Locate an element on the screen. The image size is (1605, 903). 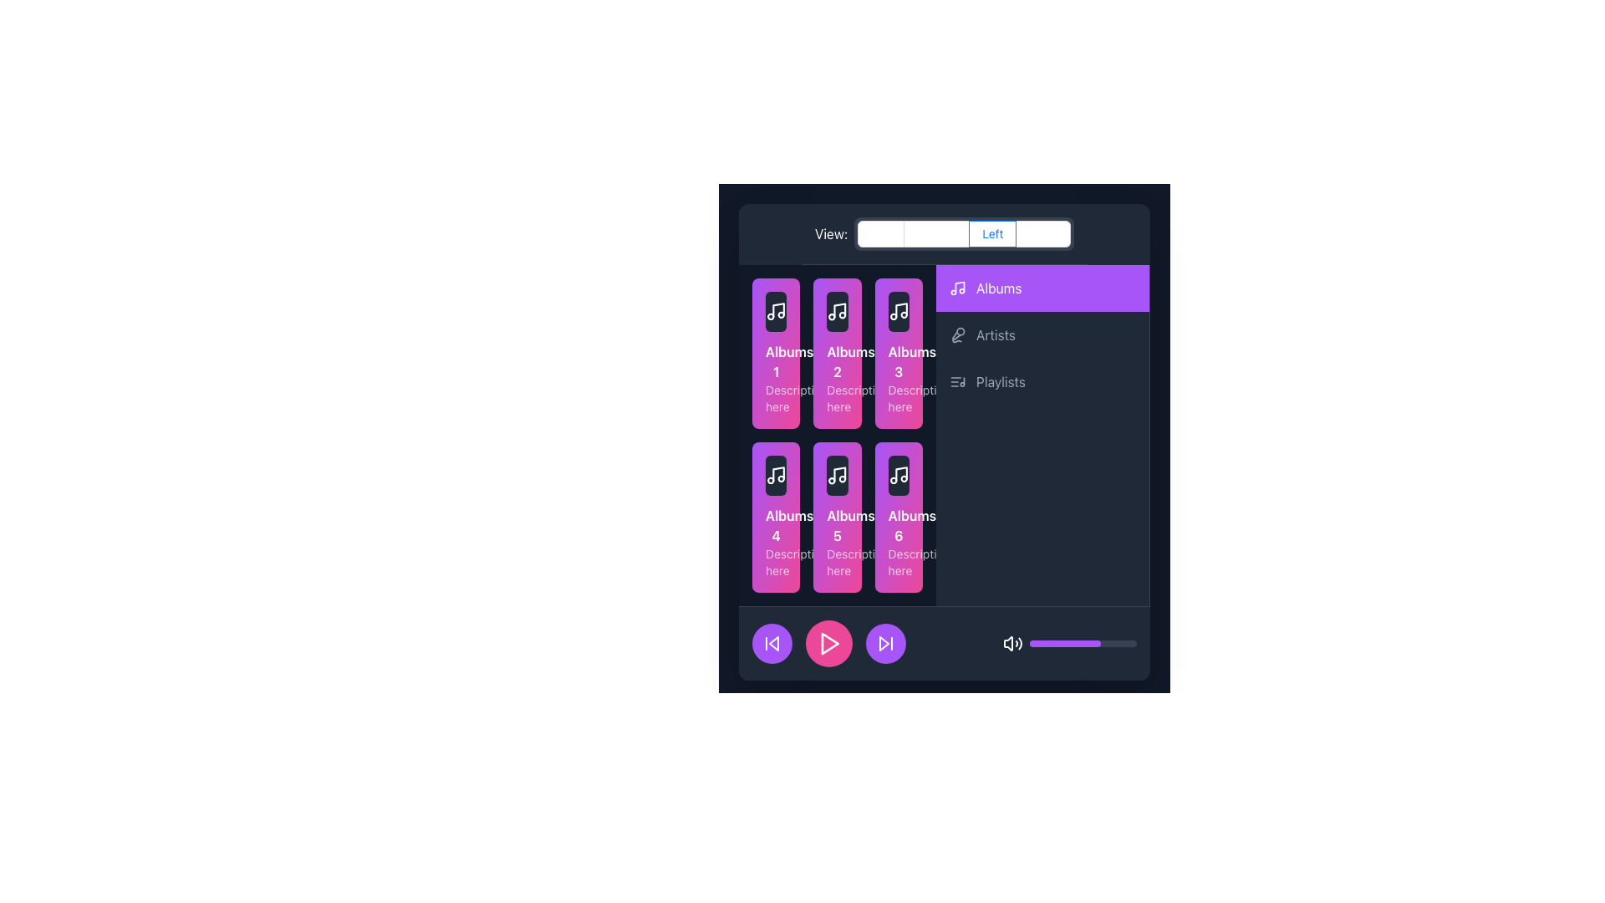
the skip backward button located is located at coordinates (772, 643).